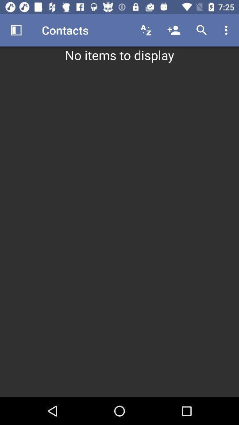 Image resolution: width=239 pixels, height=425 pixels. I want to click on the icon next to contacts, so click(16, 30).